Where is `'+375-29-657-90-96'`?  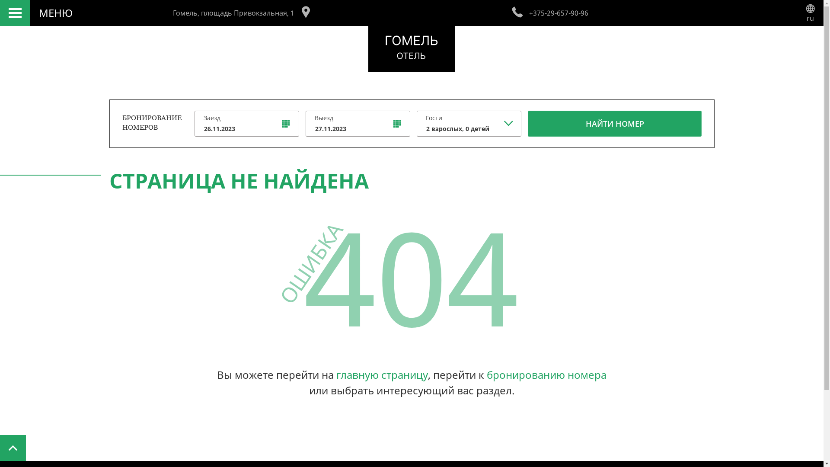 '+375-29-657-90-96' is located at coordinates (545, 13).